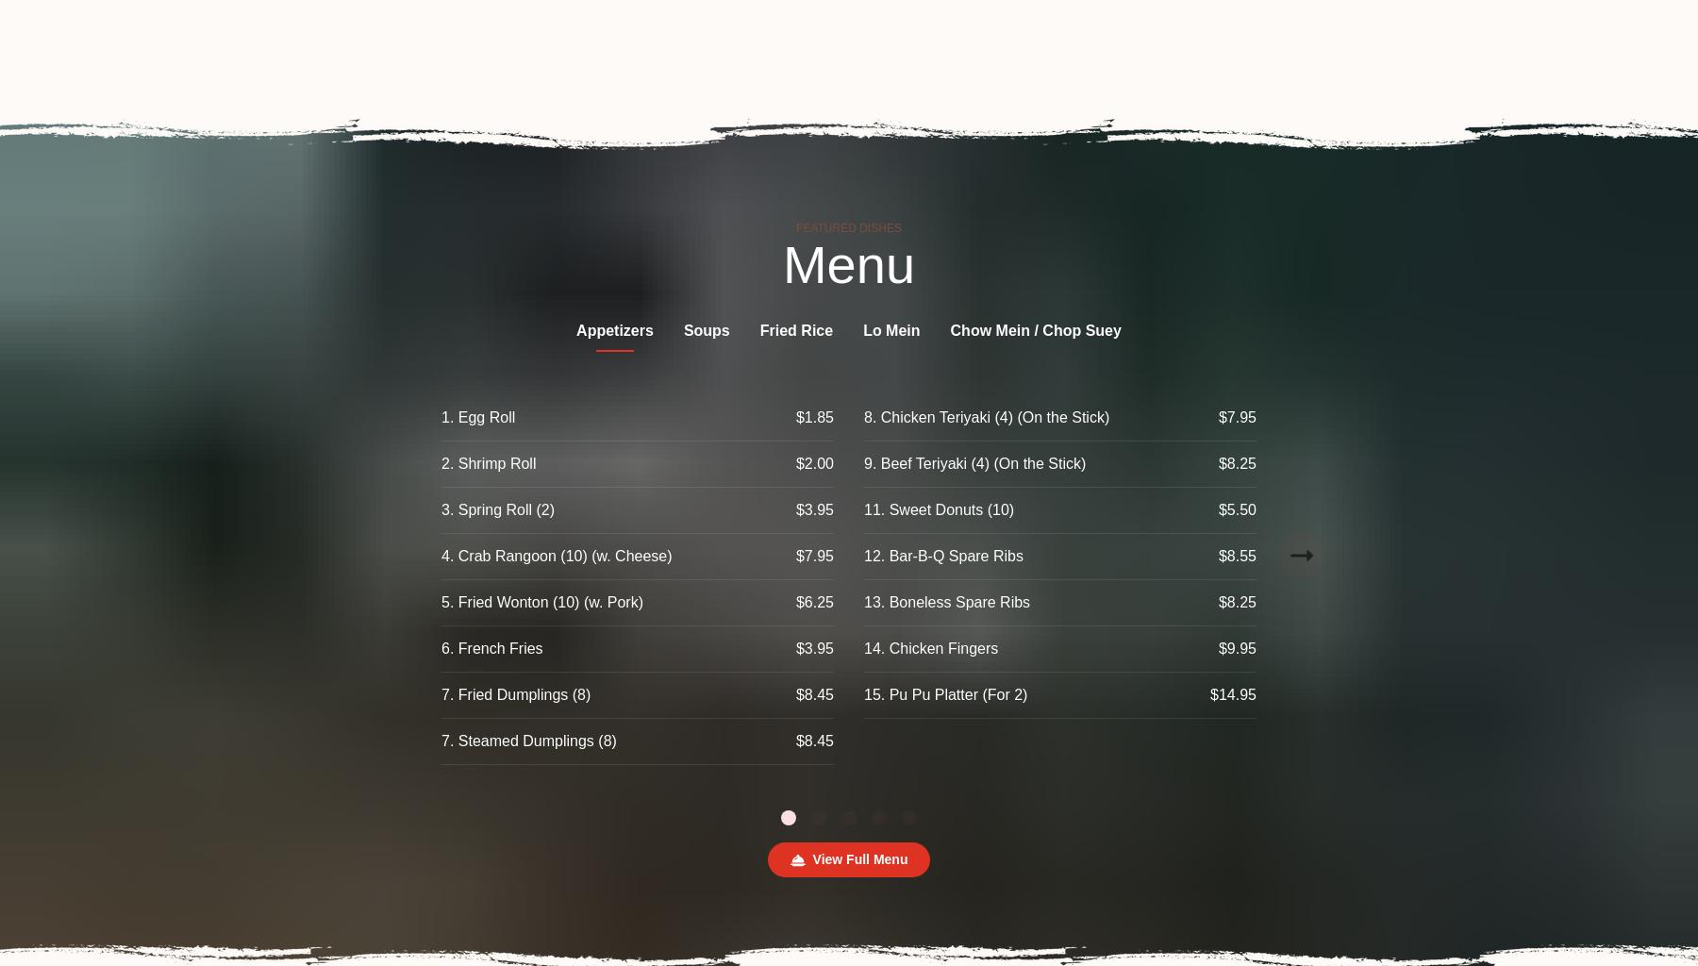 The width and height of the screenshot is (1698, 966). Describe the element at coordinates (491, 648) in the screenshot. I see `'6. French Fries'` at that location.